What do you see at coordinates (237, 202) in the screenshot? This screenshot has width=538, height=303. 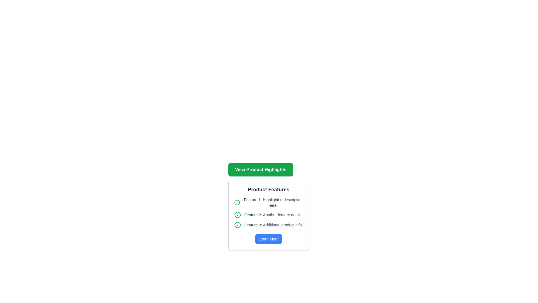 I see `the first icon that serves as a graphical indicator for 'Feature 1: Highlighted description here.'` at bounding box center [237, 202].